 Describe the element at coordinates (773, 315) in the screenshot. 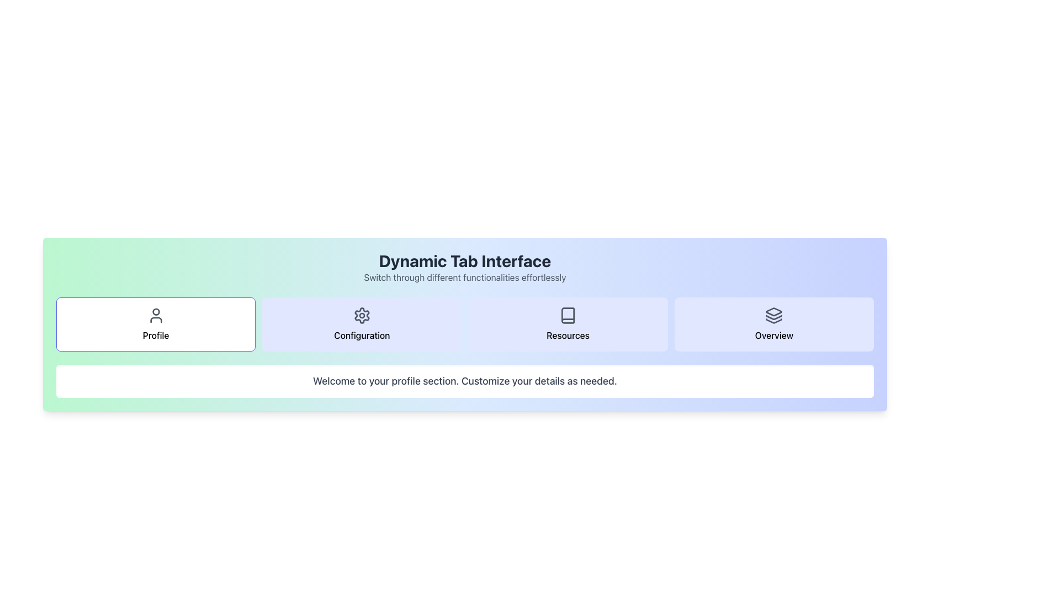

I see `the stack-like icon made of three layered rectangular shapes with dark gray coloring, located within the light blue 'Overview' button at the bottom of the interface` at that location.